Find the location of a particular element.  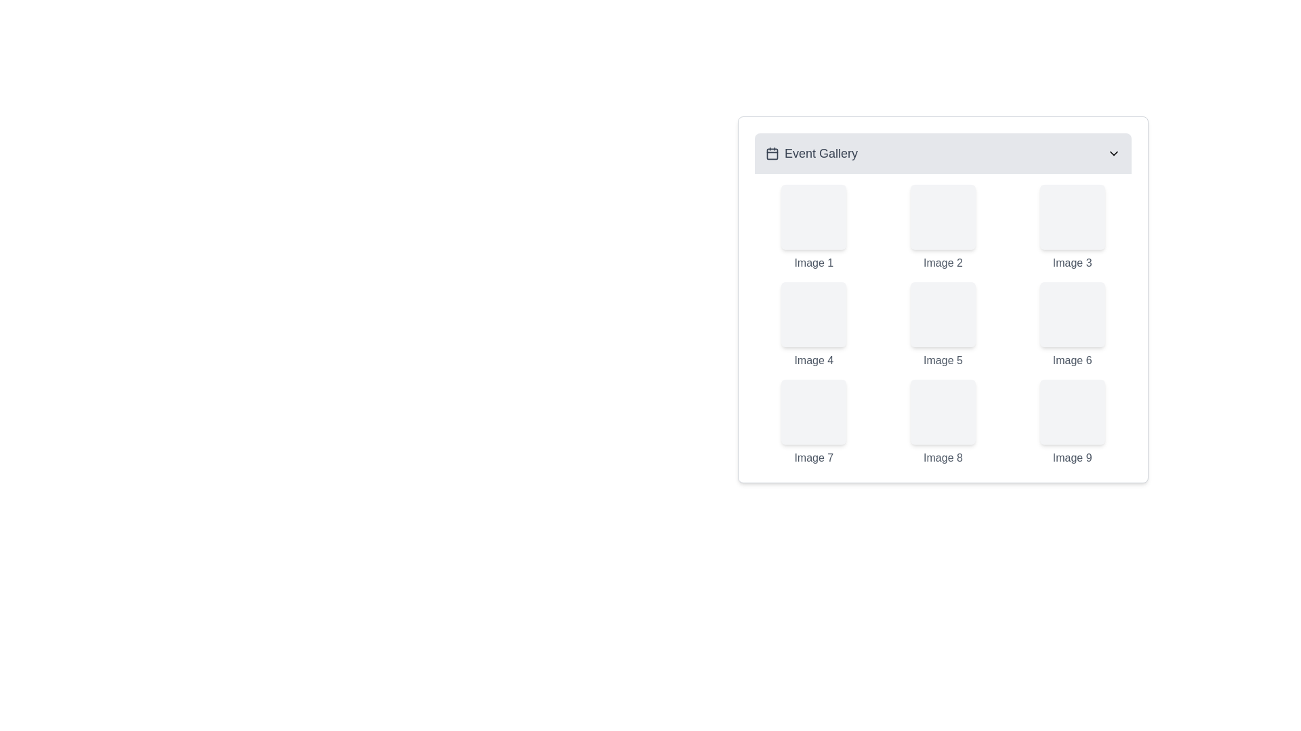

the text label displaying 'Image 2' in gray font, positioned below the image placeholder in the upper-middle section of the gallery grid is located at coordinates (943, 263).